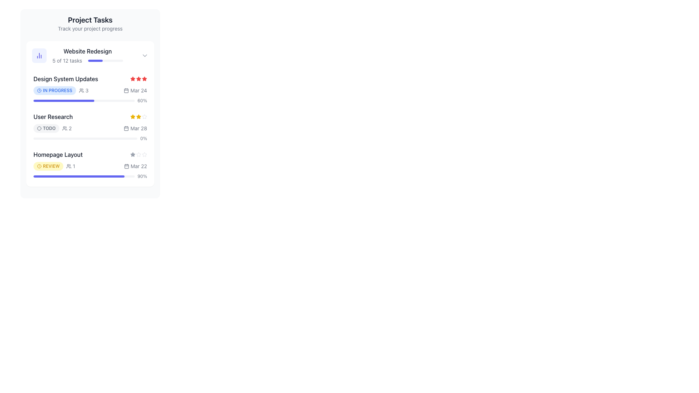 The width and height of the screenshot is (699, 393). Describe the element at coordinates (87, 55) in the screenshot. I see `the task entry component in the task list, which includes the heading, description, and progress bar, located to the right of the indigo chart icon` at that location.